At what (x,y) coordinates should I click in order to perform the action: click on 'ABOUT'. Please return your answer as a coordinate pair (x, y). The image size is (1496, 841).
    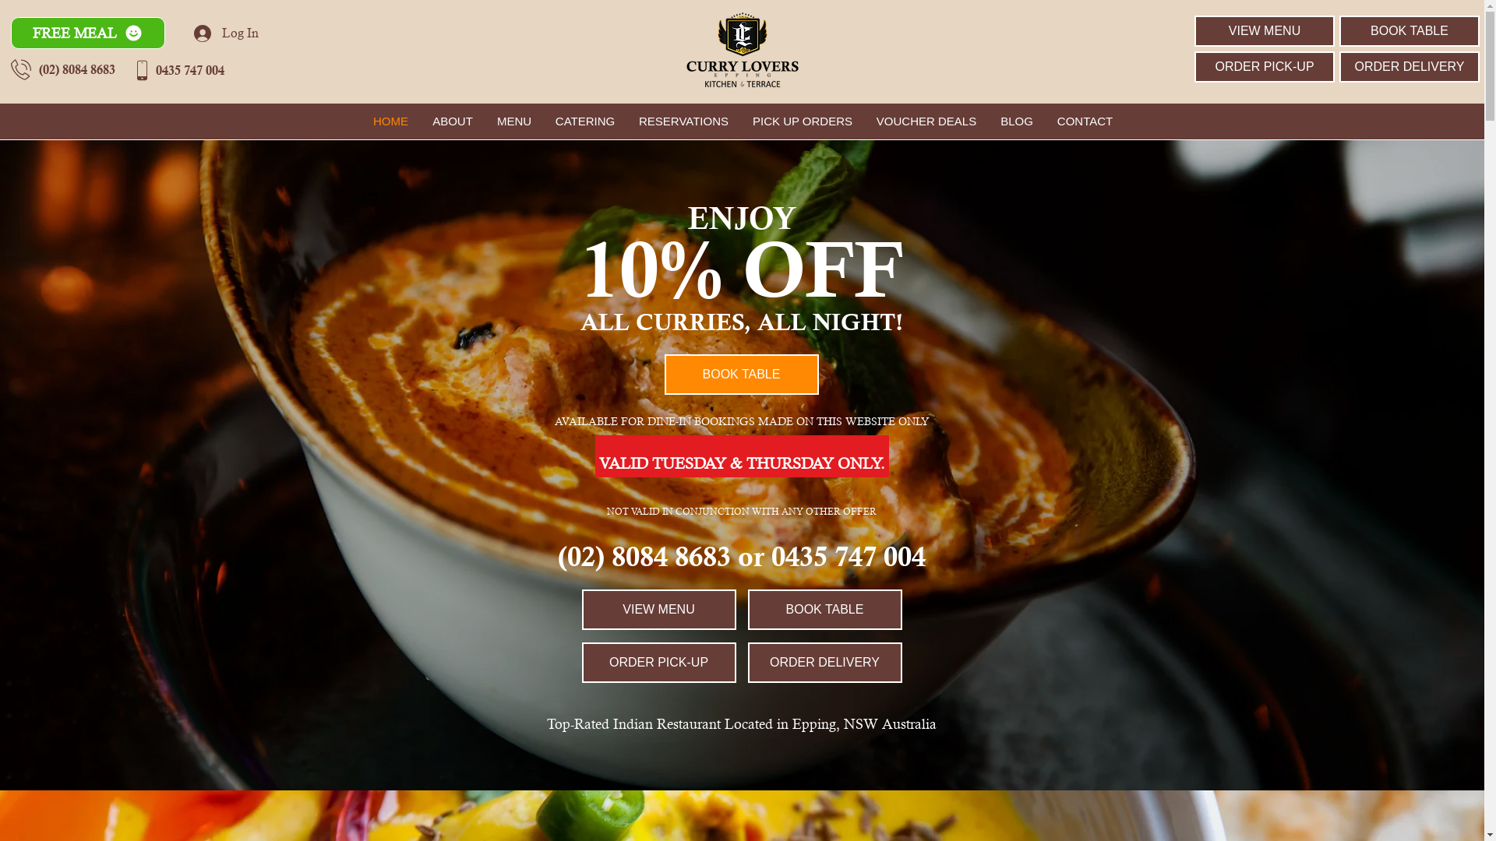
    Looking at the image, I should click on (452, 120).